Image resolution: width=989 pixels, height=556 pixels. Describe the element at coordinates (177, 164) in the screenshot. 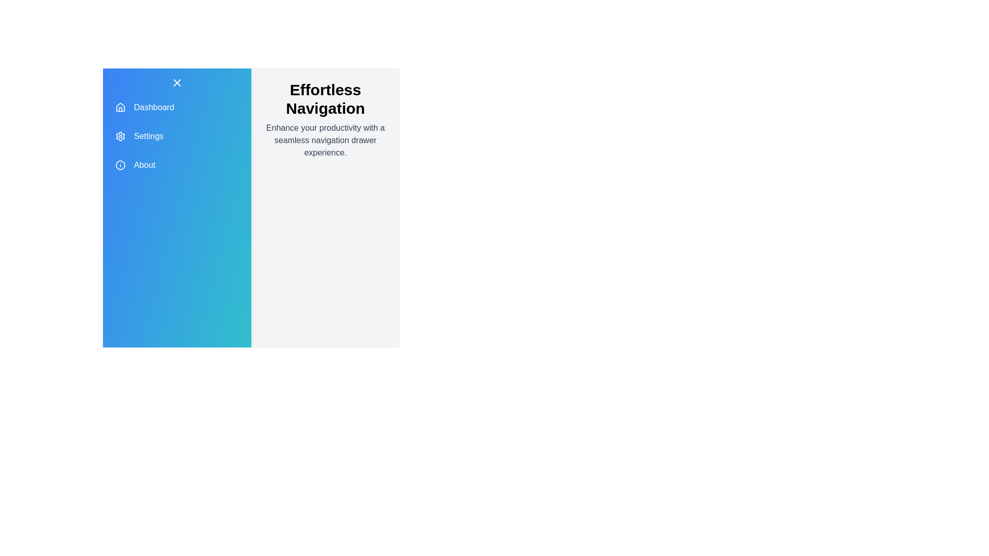

I see `the 'About' menu item to select it` at that location.